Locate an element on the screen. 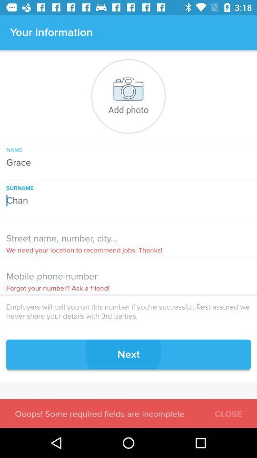  item to the right of the ooops some required item is located at coordinates (227, 412).